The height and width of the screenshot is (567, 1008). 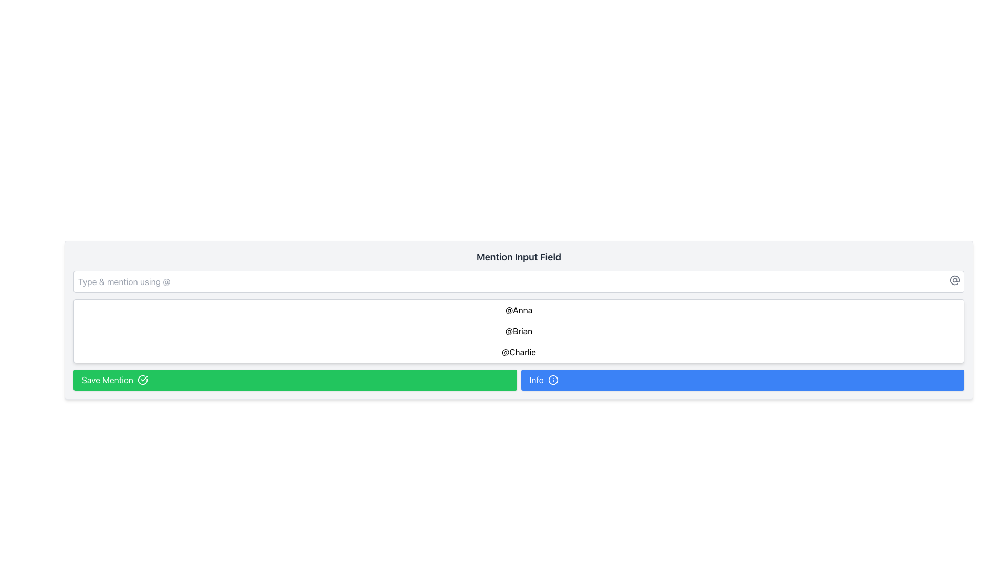 What do you see at coordinates (552, 380) in the screenshot?
I see `the informational icon located within the blue 'Info' button to obtain more details` at bounding box center [552, 380].